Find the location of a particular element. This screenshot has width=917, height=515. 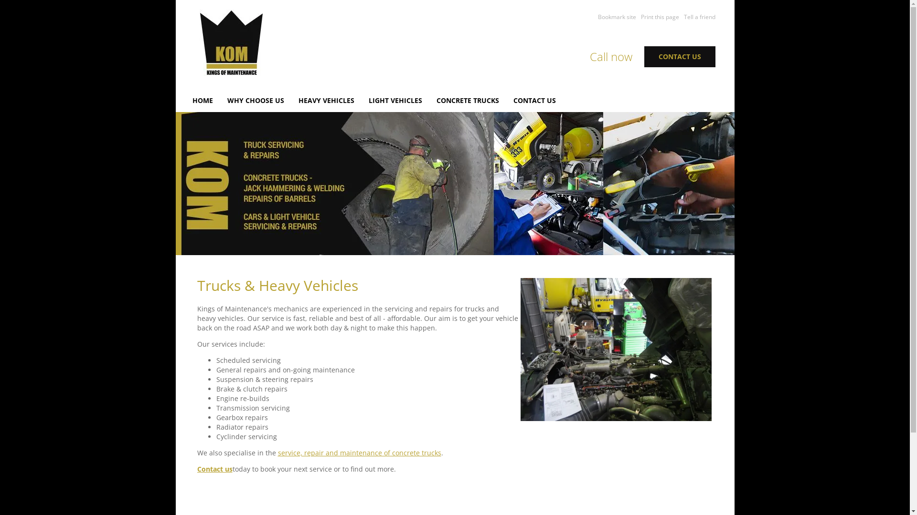

'Contact us' is located at coordinates (214, 468).